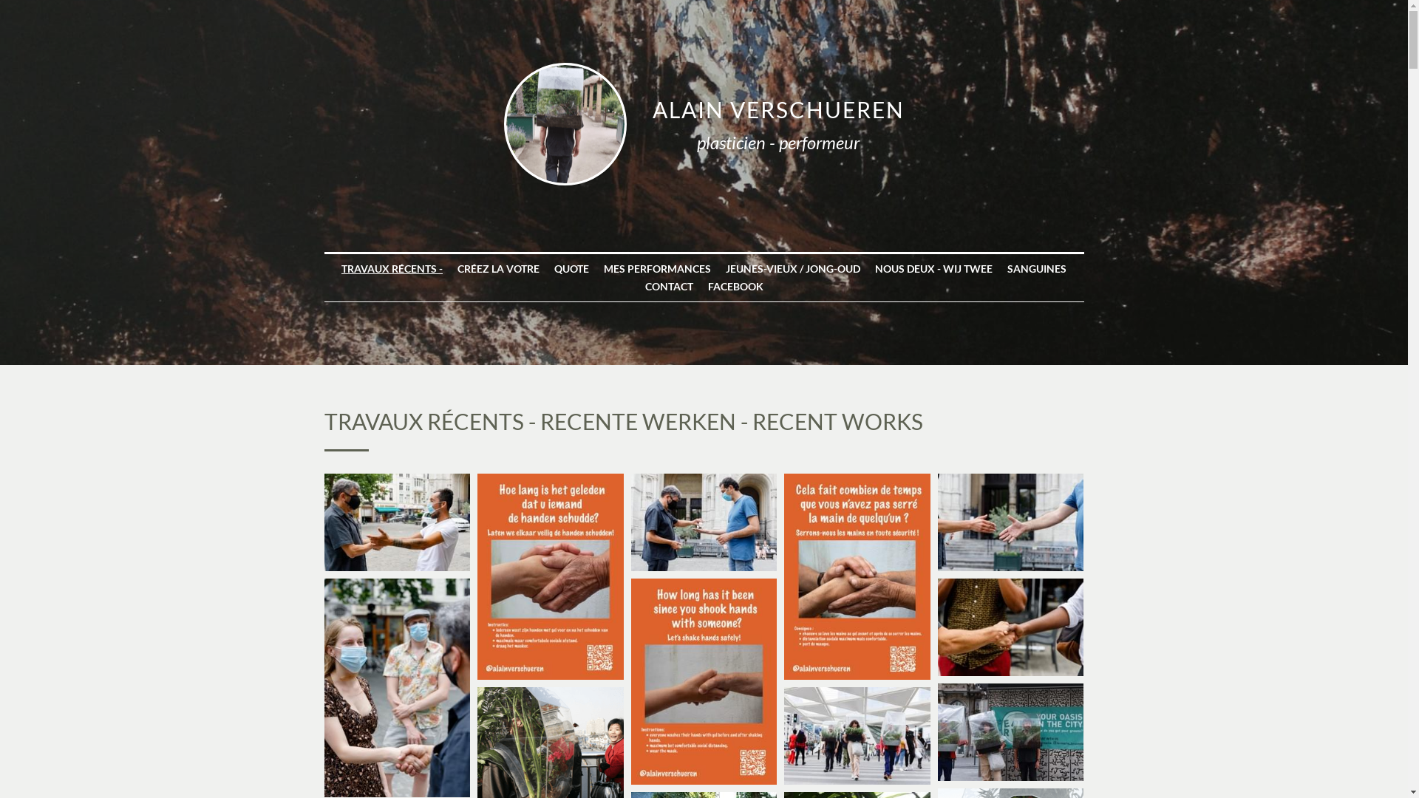 The height and width of the screenshot is (798, 1419). Describe the element at coordinates (875, 268) in the screenshot. I see `'NOUS DEUX - WIJ TWEE'` at that location.